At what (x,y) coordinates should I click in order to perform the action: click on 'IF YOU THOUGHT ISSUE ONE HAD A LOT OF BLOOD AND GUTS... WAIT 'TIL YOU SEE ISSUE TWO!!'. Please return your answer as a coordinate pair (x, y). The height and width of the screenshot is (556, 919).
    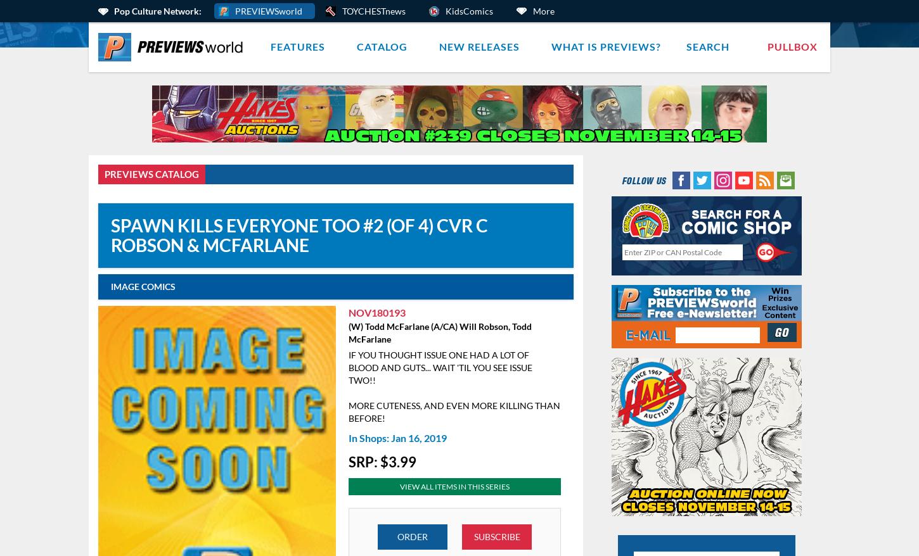
    Looking at the image, I should click on (439, 367).